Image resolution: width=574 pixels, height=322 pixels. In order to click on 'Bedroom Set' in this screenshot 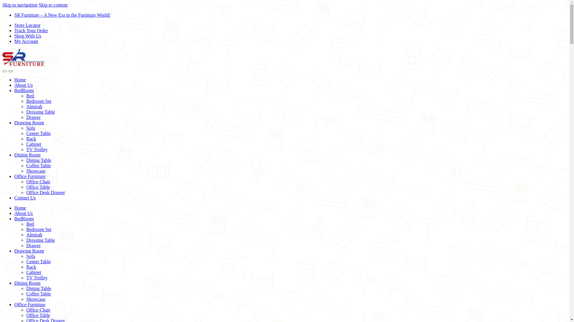, I will do `click(38, 101)`.